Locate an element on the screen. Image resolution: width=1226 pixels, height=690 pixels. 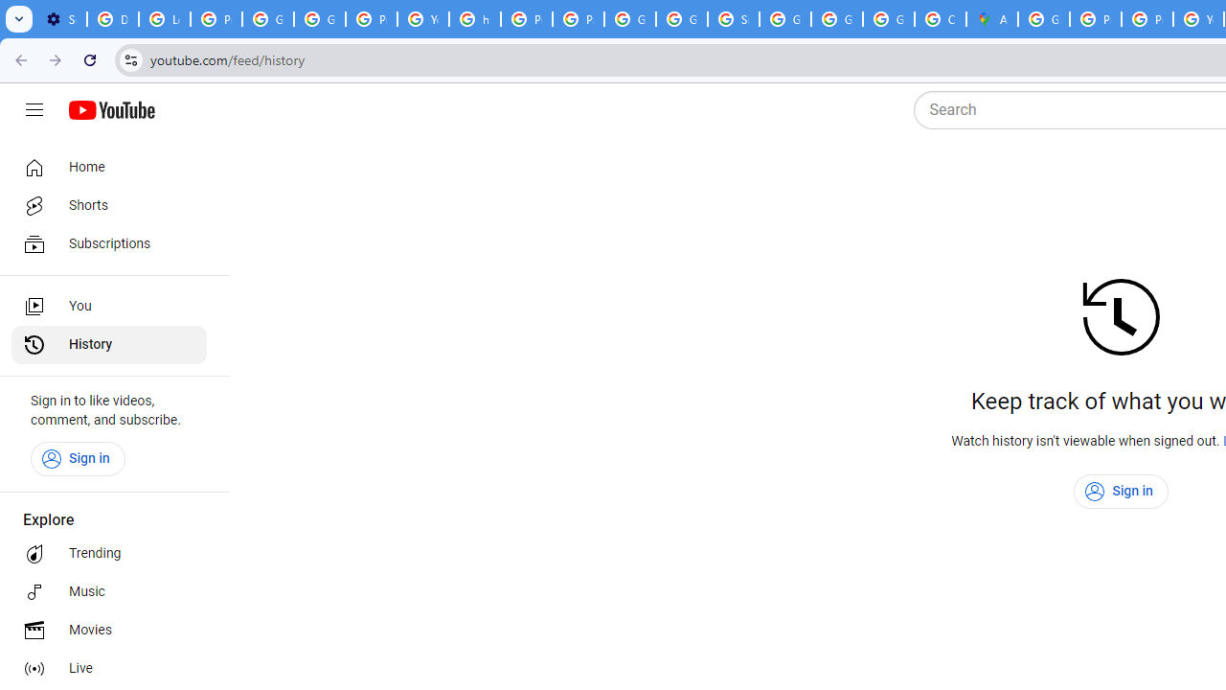
'Music' is located at coordinates (107, 591).